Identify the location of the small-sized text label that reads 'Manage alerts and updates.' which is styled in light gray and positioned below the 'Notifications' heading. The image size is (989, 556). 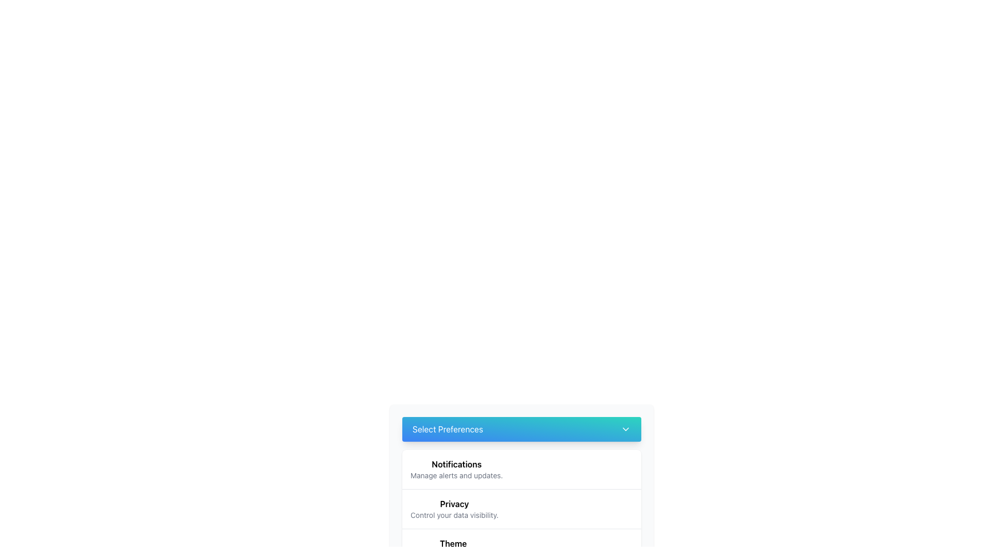
(456, 476).